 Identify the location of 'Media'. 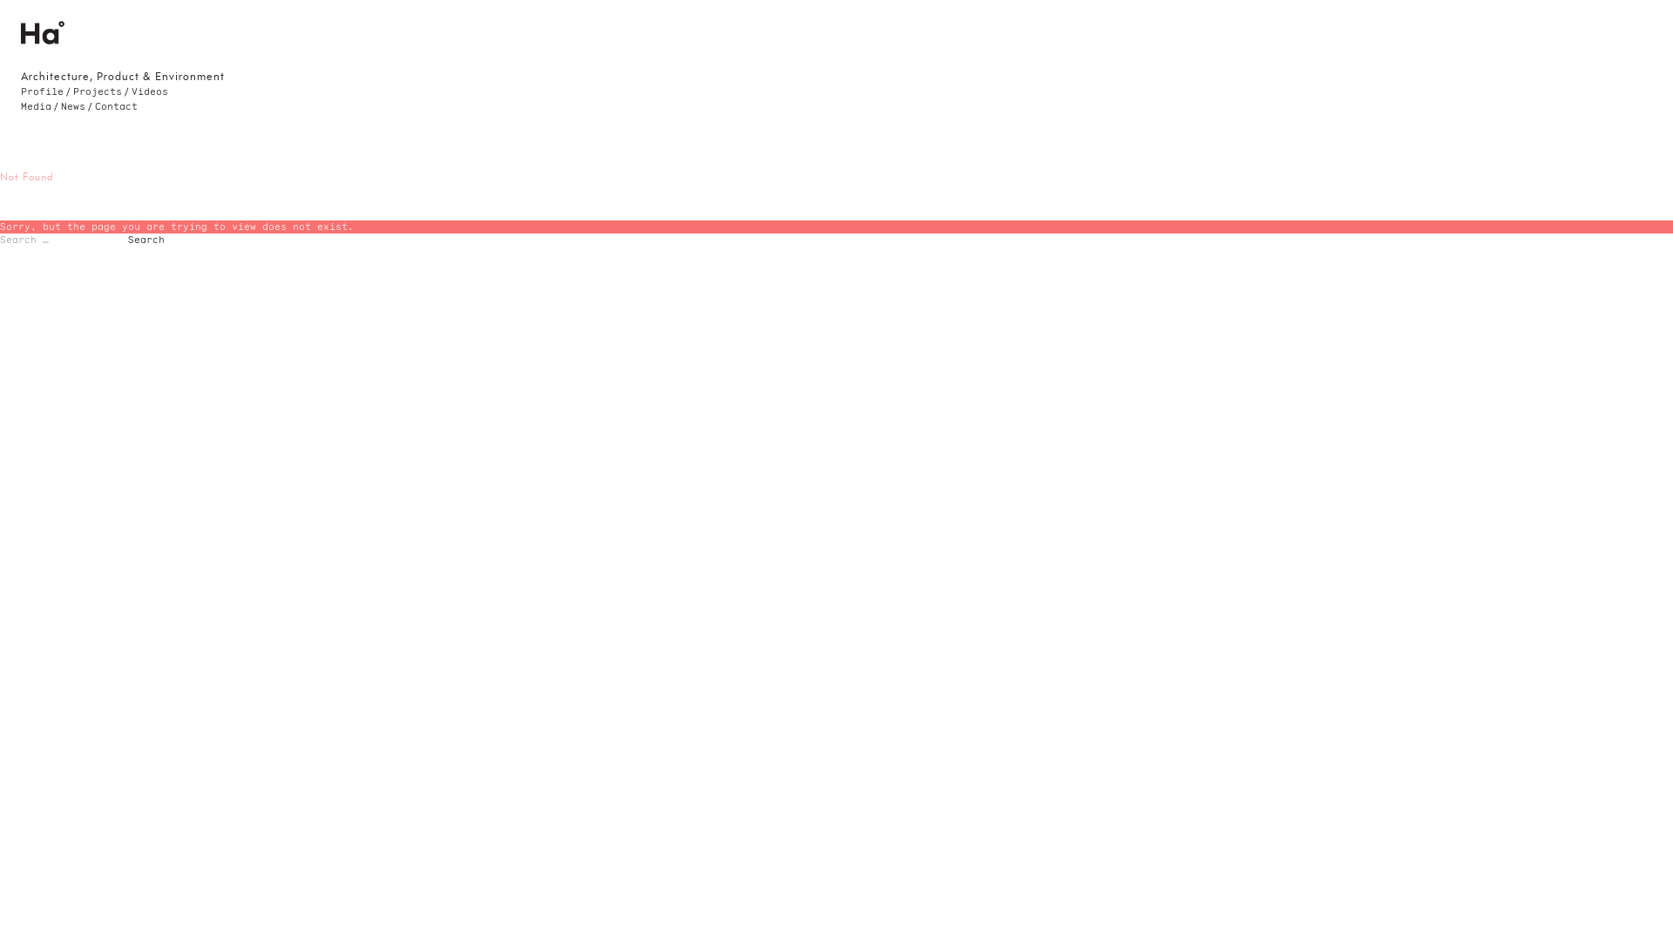
(21, 106).